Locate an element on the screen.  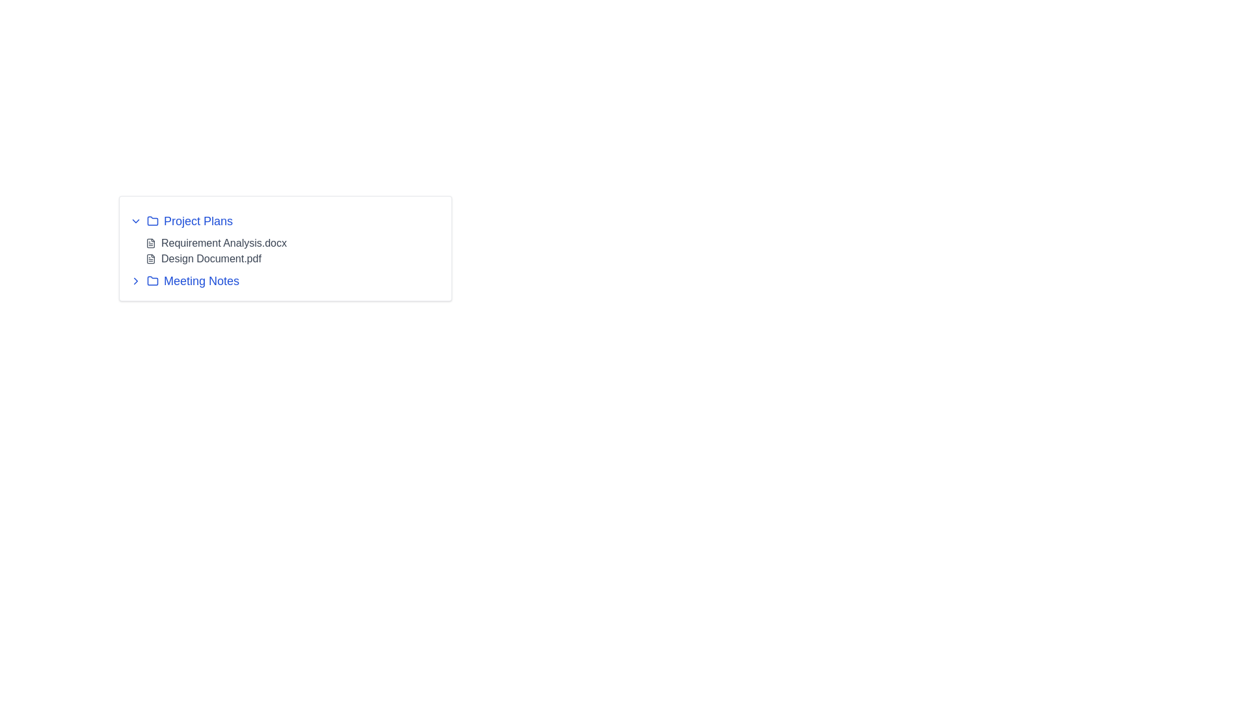
the last item in the vertically arranged list, which is used for navigating to 'Meeting Notes' is located at coordinates (284, 281).